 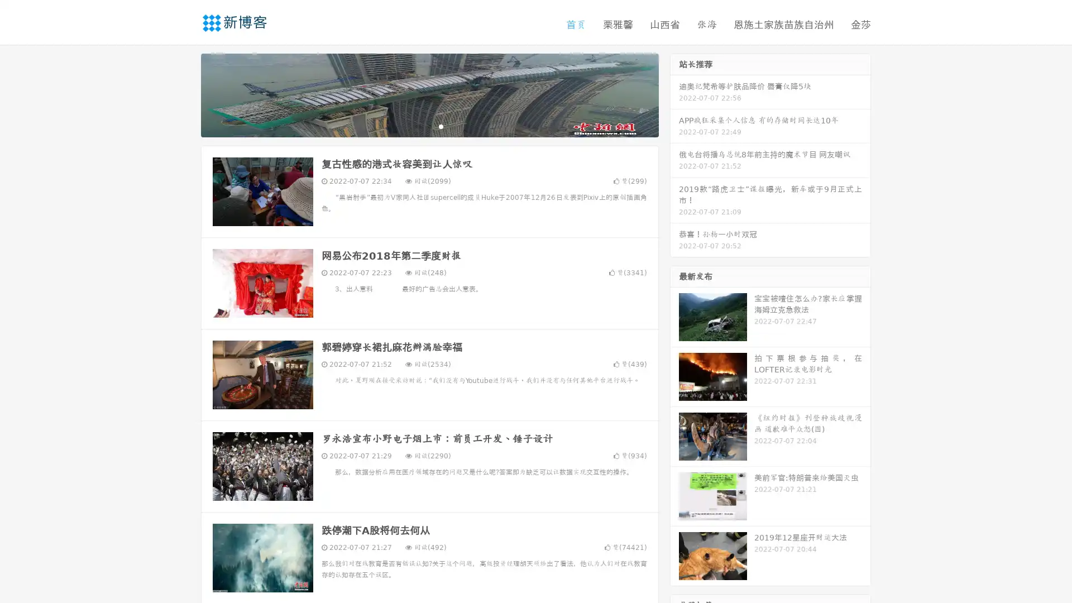 What do you see at coordinates (418, 126) in the screenshot?
I see `Go to slide 1` at bounding box center [418, 126].